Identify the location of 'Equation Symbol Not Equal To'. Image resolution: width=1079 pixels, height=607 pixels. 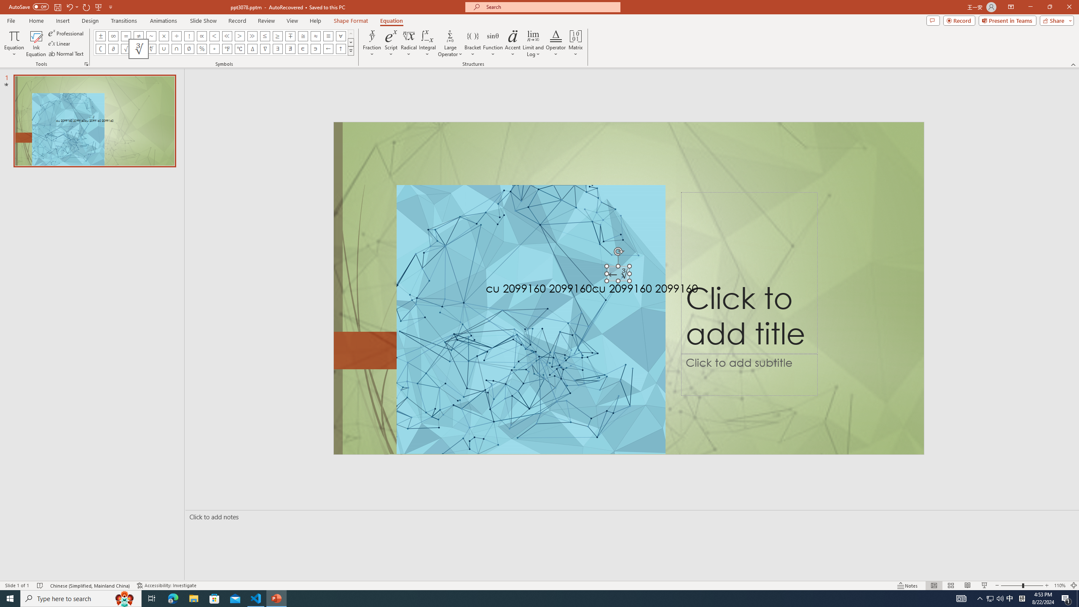
(138, 35).